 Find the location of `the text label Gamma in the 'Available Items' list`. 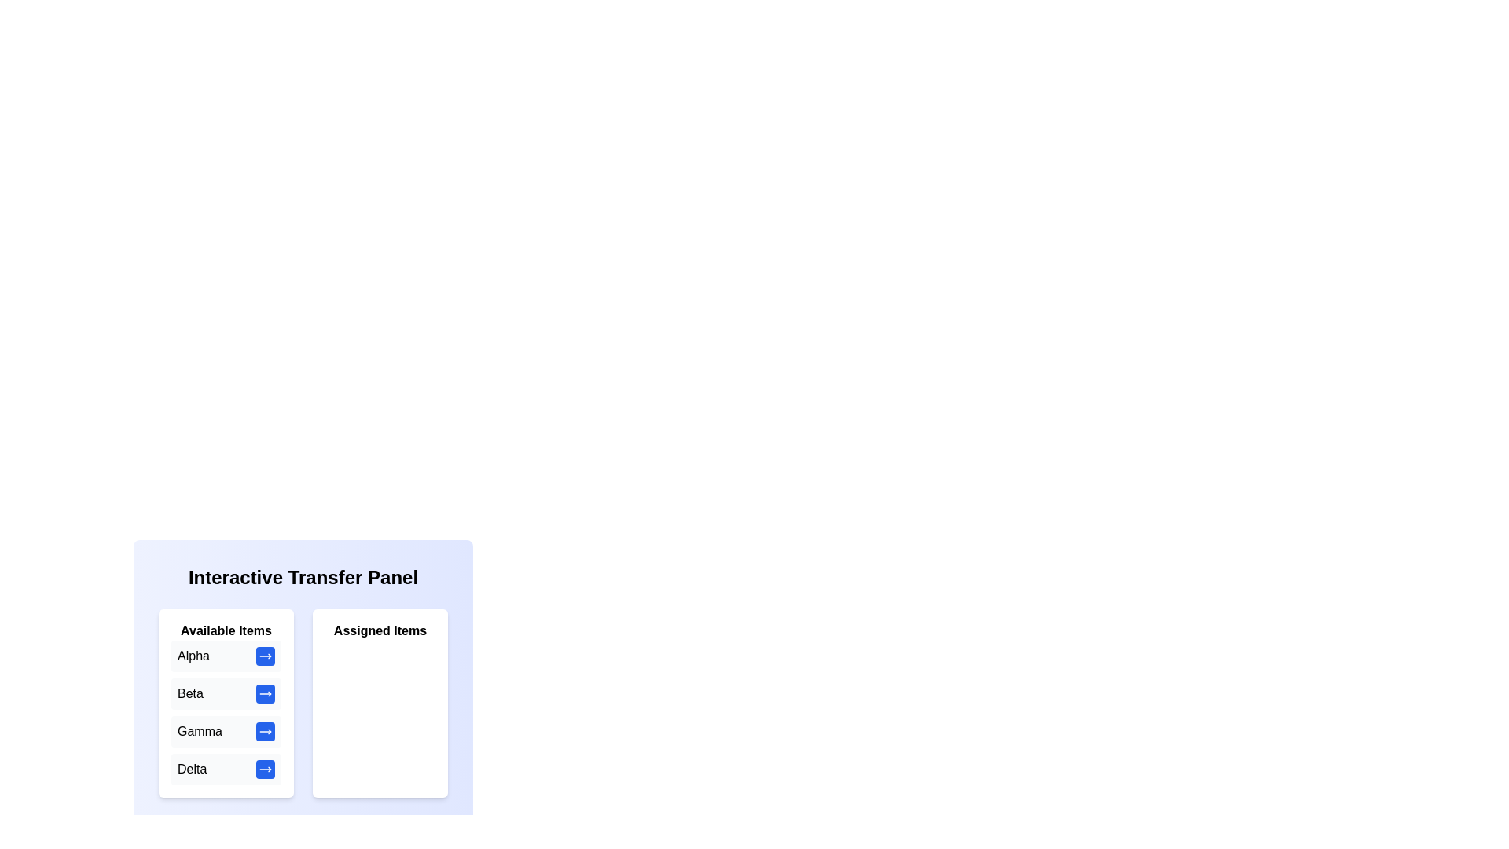

the text label Gamma in the 'Available Items' list is located at coordinates (199, 731).